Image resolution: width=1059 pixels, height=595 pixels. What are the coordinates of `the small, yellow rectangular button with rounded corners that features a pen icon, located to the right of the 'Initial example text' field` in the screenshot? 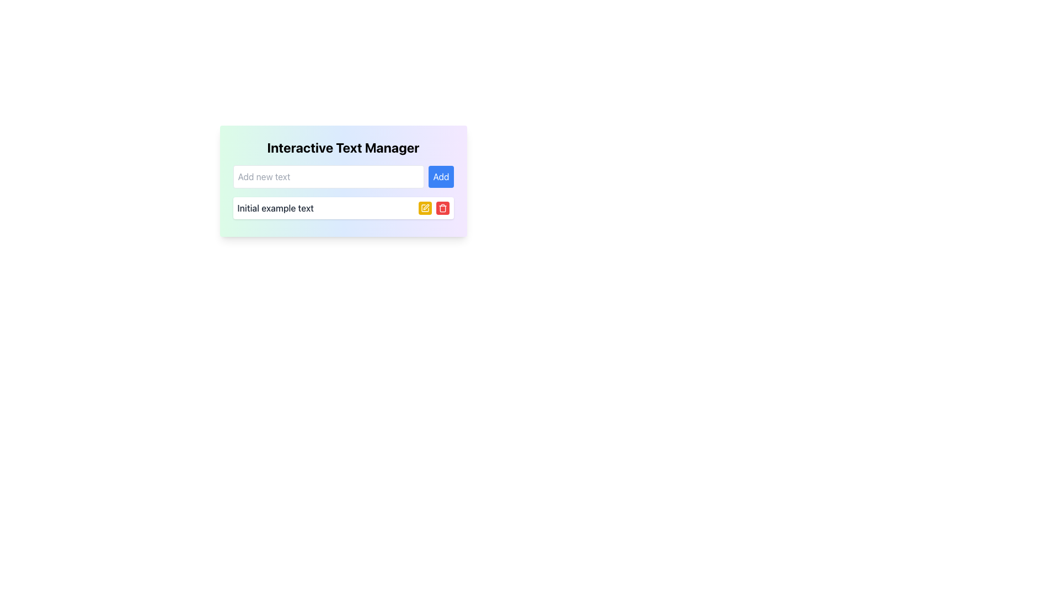 It's located at (424, 208).